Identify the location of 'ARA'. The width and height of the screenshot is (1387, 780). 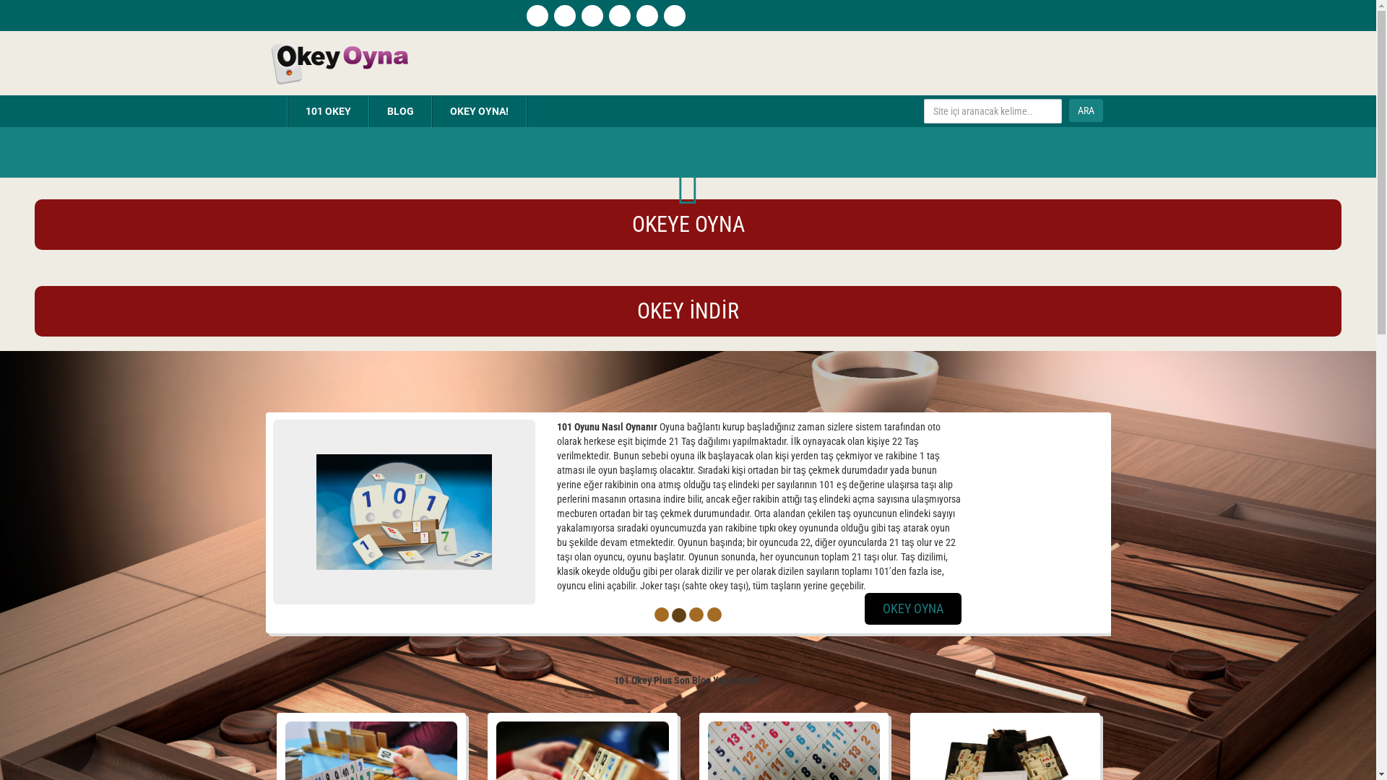
(1086, 110).